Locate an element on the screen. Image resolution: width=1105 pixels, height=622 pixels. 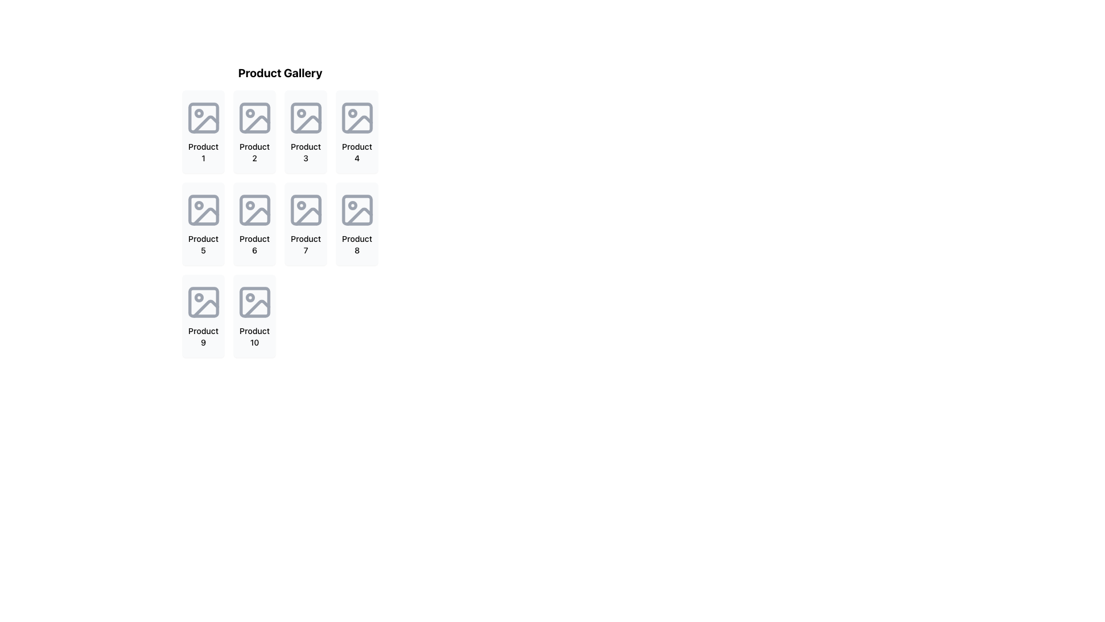
the text label identifying the associated product at the bottom of the third card in the first row of the 'Product Gallery' grid layout is located at coordinates (306, 152).